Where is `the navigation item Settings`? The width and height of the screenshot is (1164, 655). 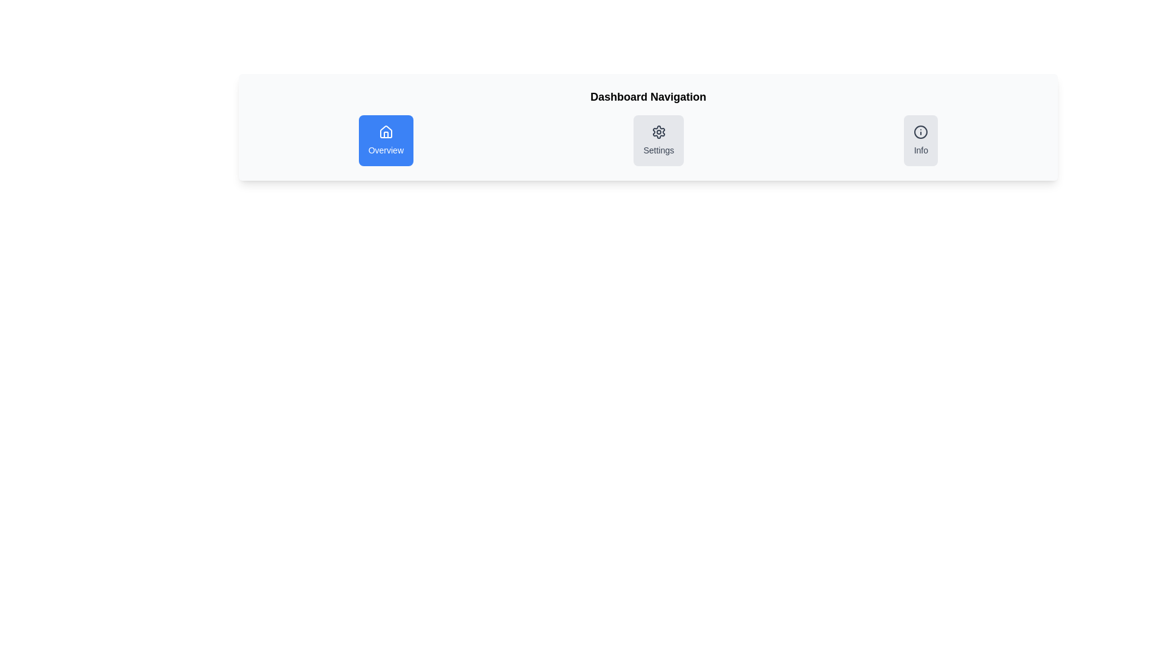 the navigation item Settings is located at coordinates (658, 139).